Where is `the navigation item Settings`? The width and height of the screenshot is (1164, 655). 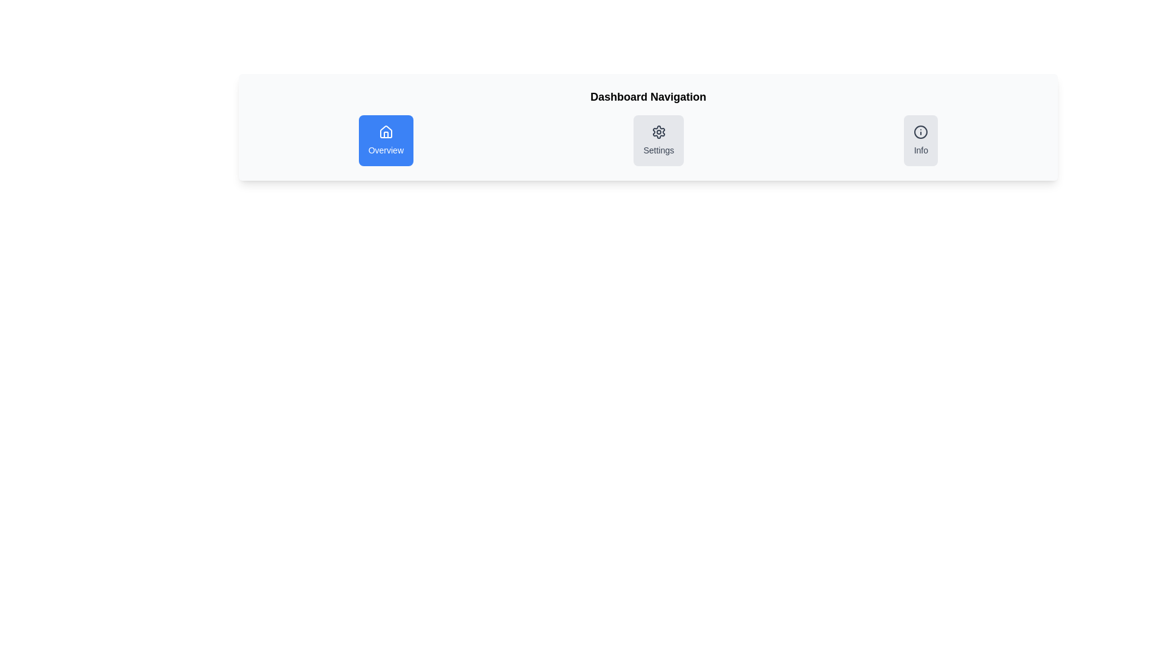 the navigation item Settings is located at coordinates (658, 139).